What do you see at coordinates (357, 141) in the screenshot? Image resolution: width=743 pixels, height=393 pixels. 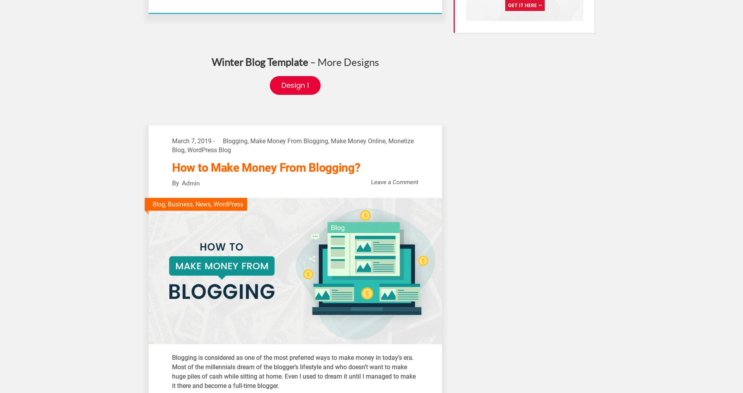 I see `'Make Money Online'` at bounding box center [357, 141].